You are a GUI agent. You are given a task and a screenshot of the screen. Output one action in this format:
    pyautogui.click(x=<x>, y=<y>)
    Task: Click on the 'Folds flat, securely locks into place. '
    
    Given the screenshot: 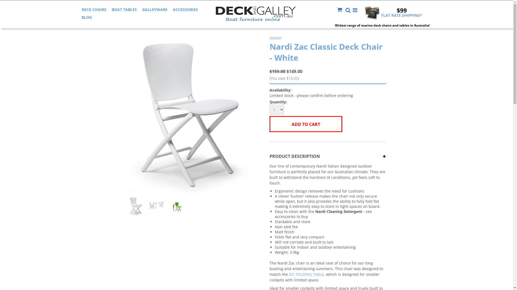 What is the action you would take?
    pyautogui.click(x=177, y=205)
    